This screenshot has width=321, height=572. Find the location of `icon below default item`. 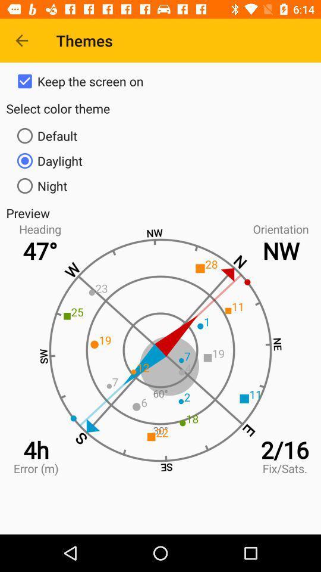

icon below default item is located at coordinates (160, 160).